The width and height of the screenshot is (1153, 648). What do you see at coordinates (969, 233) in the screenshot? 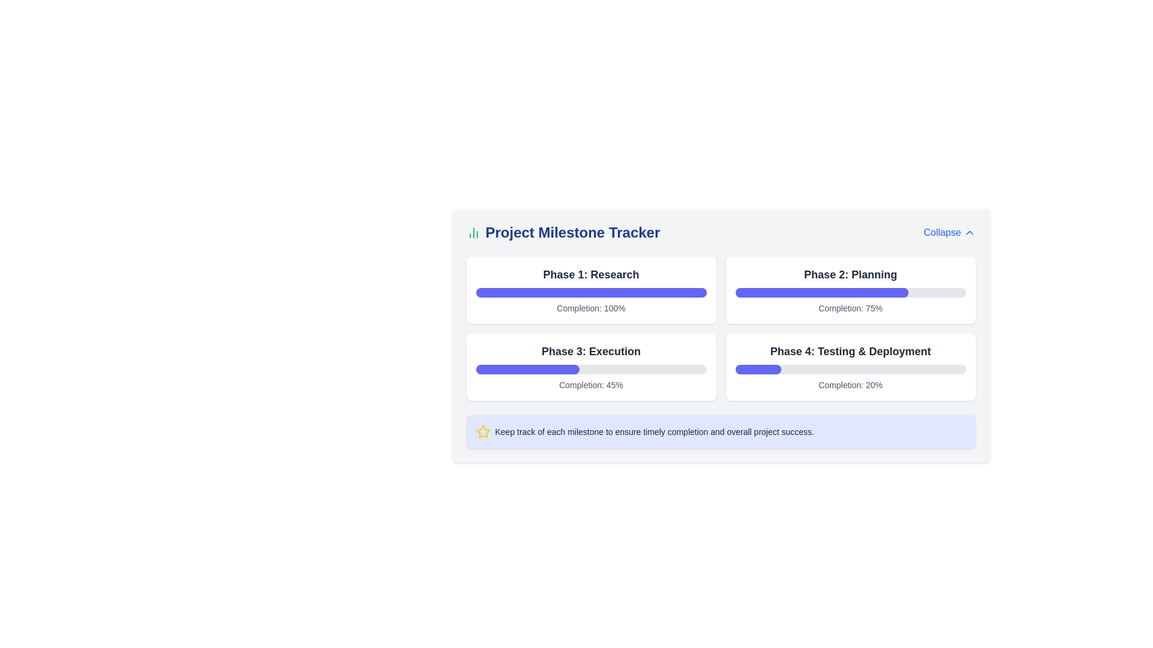
I see `the upwards-pointing chevron icon located to the immediate right of the 'Collapse' label` at bounding box center [969, 233].